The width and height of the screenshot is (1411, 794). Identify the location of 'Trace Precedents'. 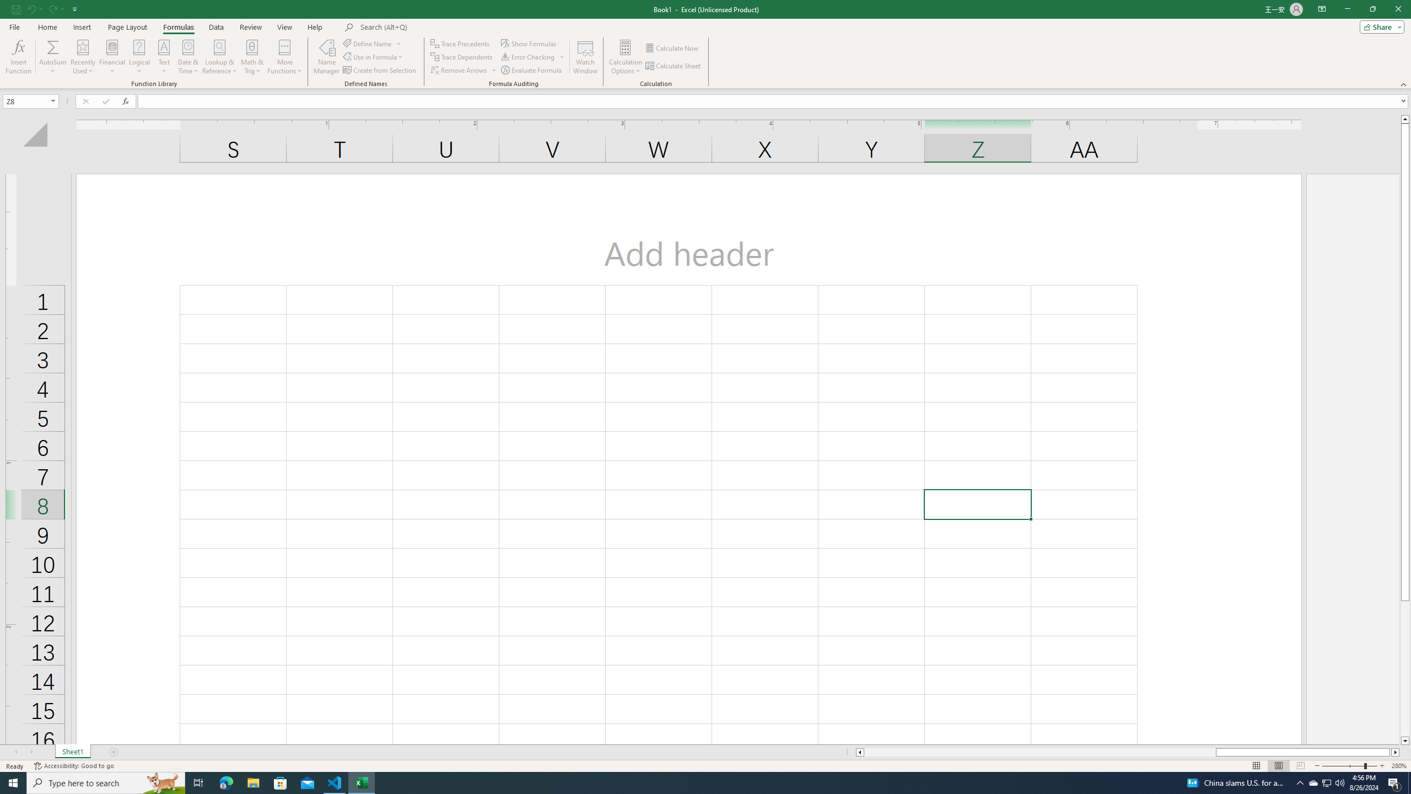
(461, 43).